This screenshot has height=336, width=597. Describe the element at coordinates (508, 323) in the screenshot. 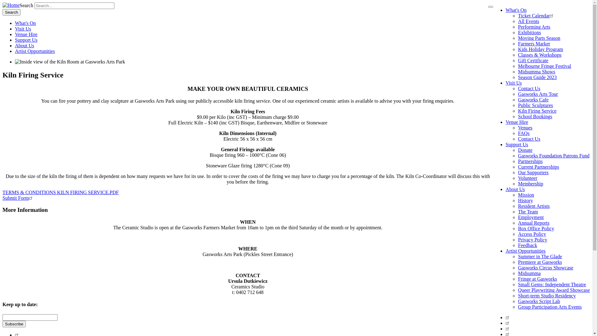

I see `'Twitter` at that location.